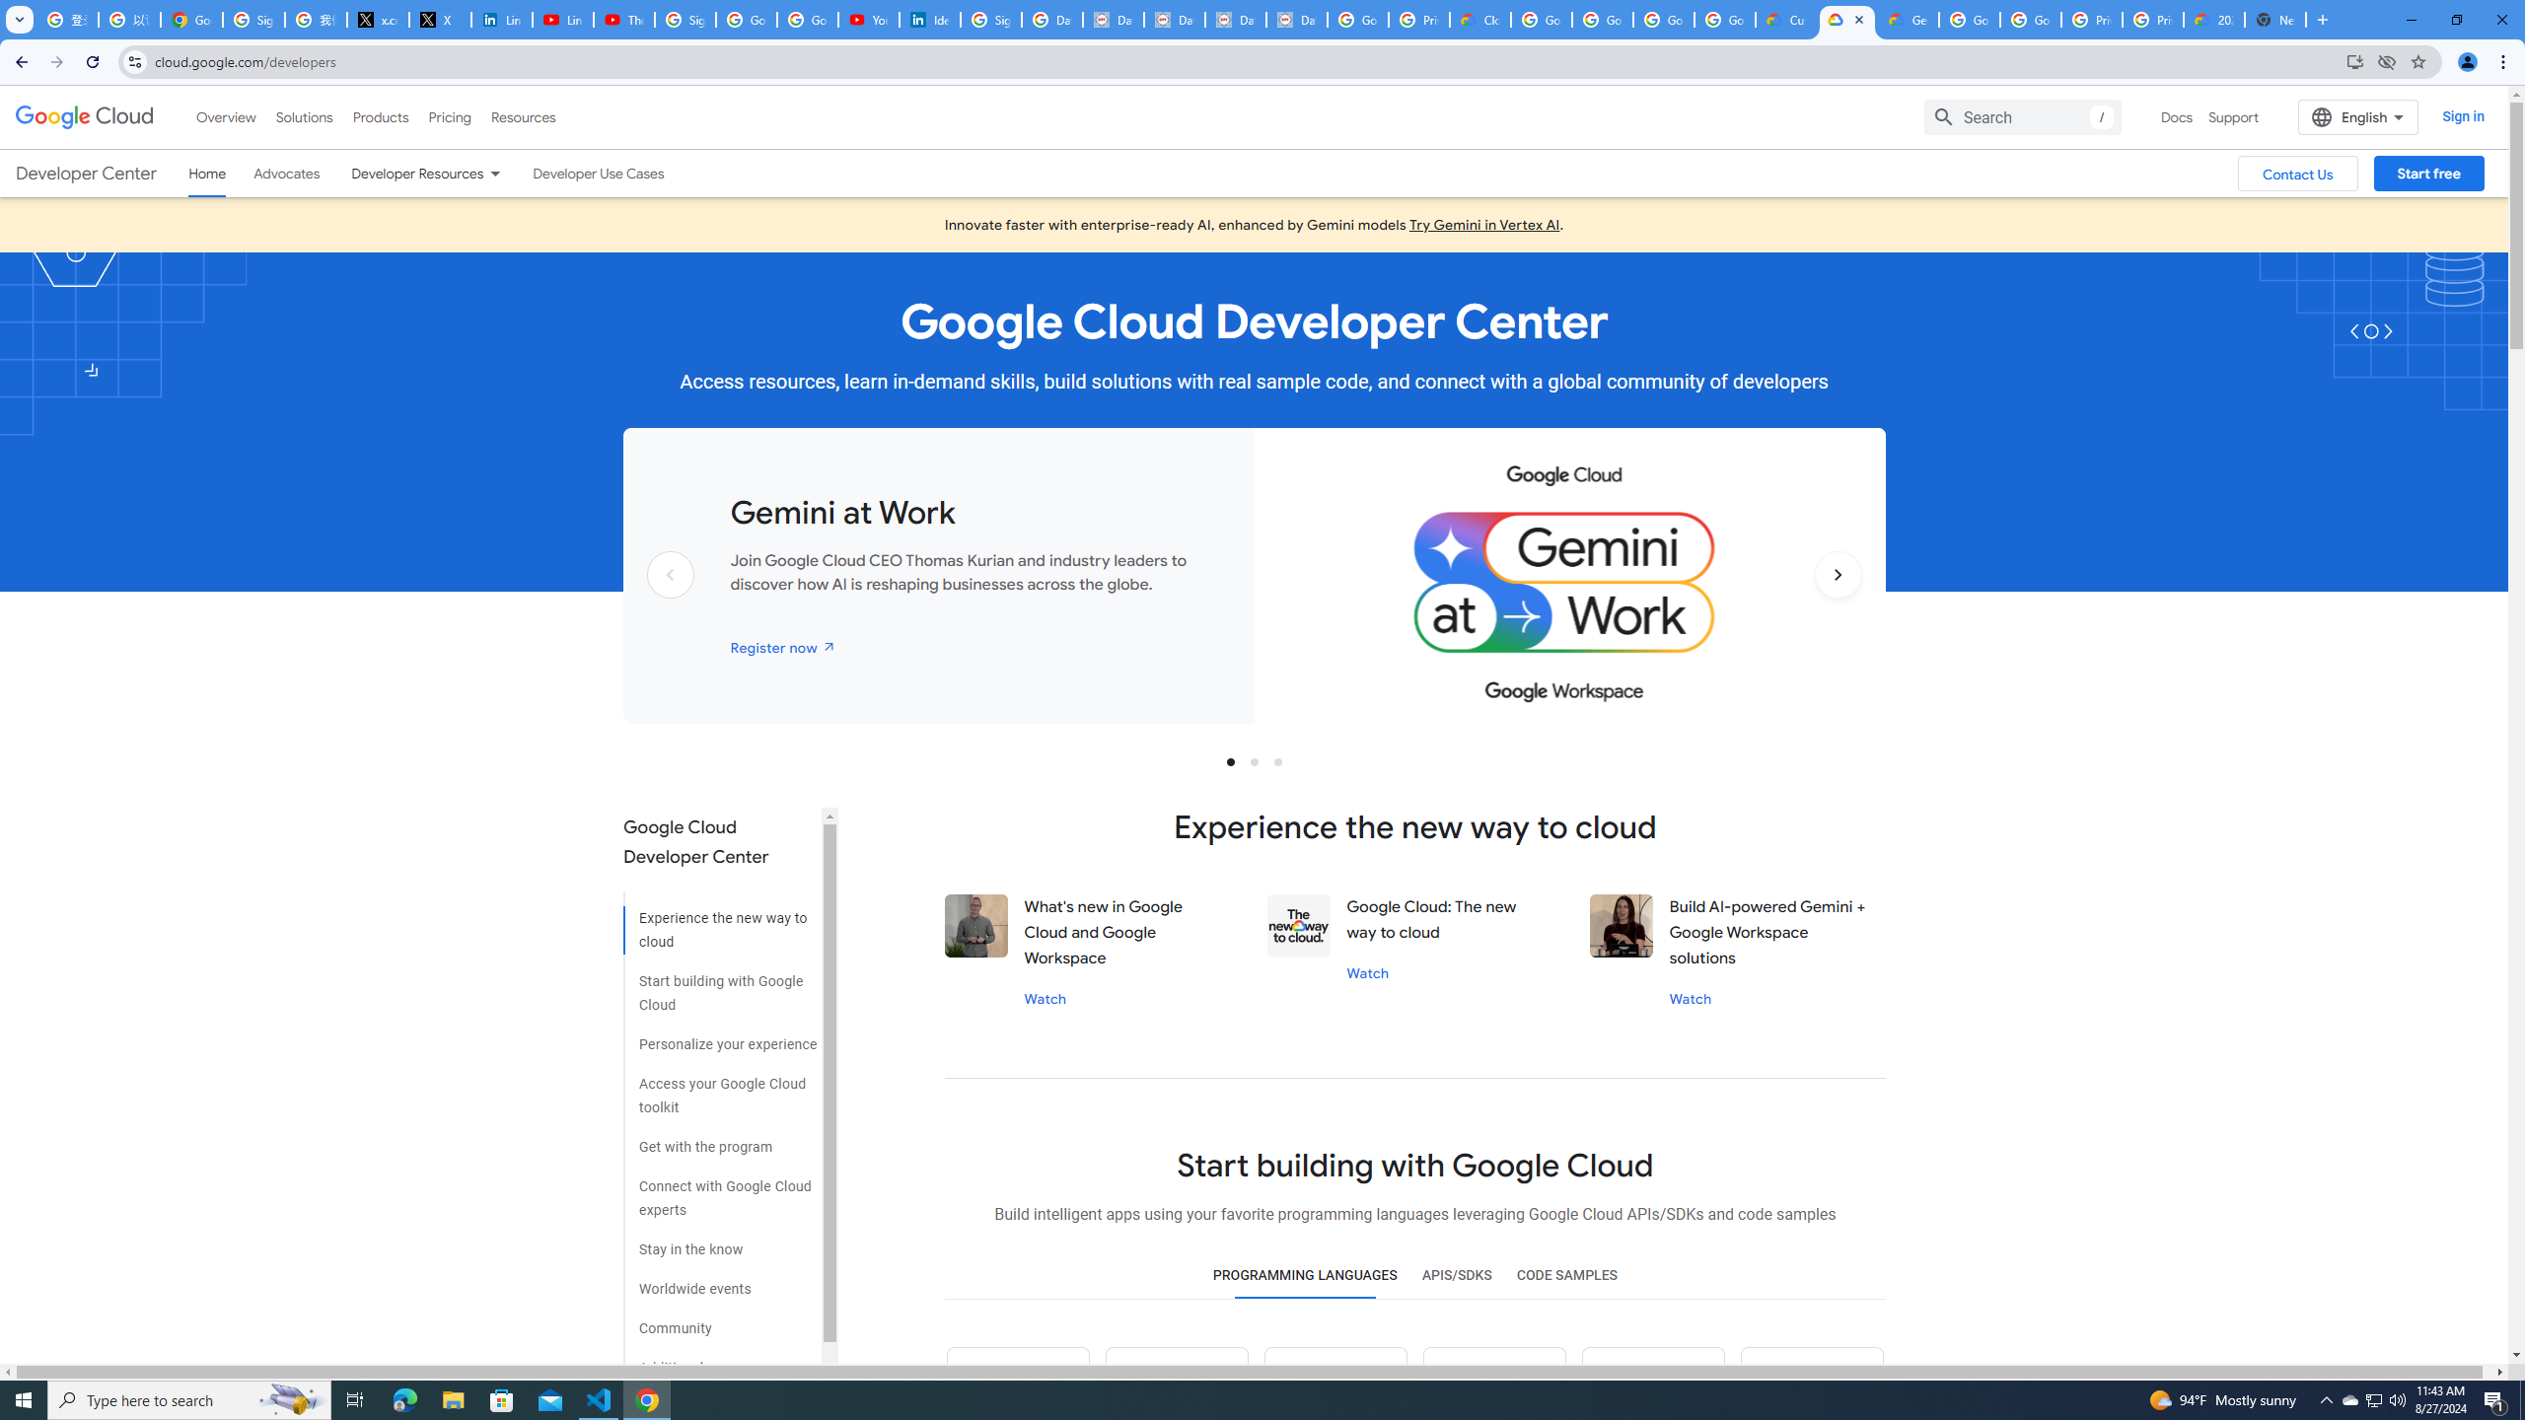 This screenshot has width=2525, height=1420. Describe the element at coordinates (1664, 19) in the screenshot. I see `'Google Workspace - Specific Terms'` at that location.